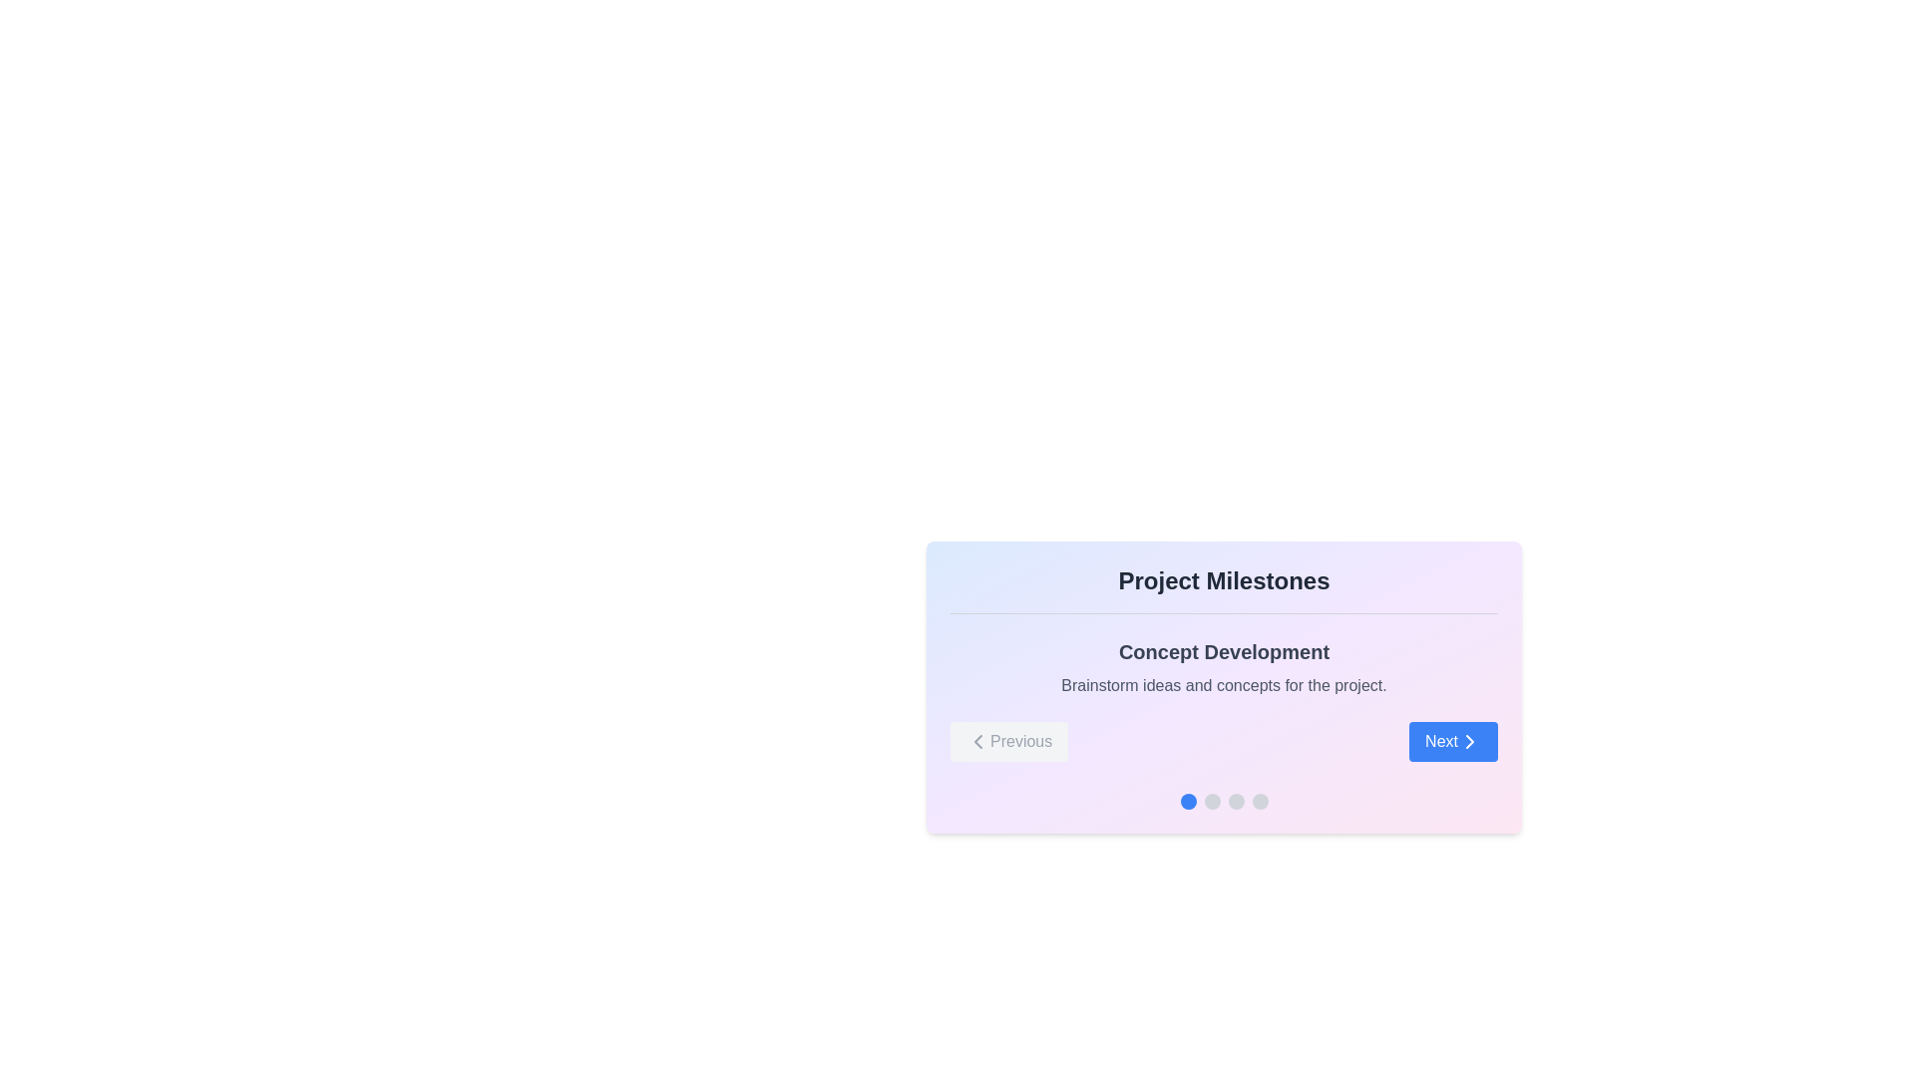  Describe the element at coordinates (1223, 580) in the screenshot. I see `the main title text label that describes project milestones, located at the top of the content card above the text 'Concept Development'` at that location.